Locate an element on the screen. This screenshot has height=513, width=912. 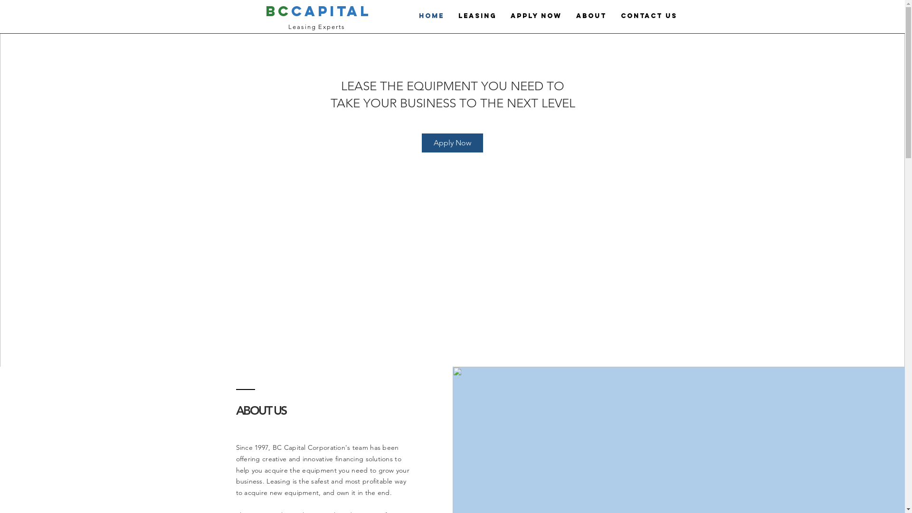
'Leasing' is located at coordinates (477, 16).